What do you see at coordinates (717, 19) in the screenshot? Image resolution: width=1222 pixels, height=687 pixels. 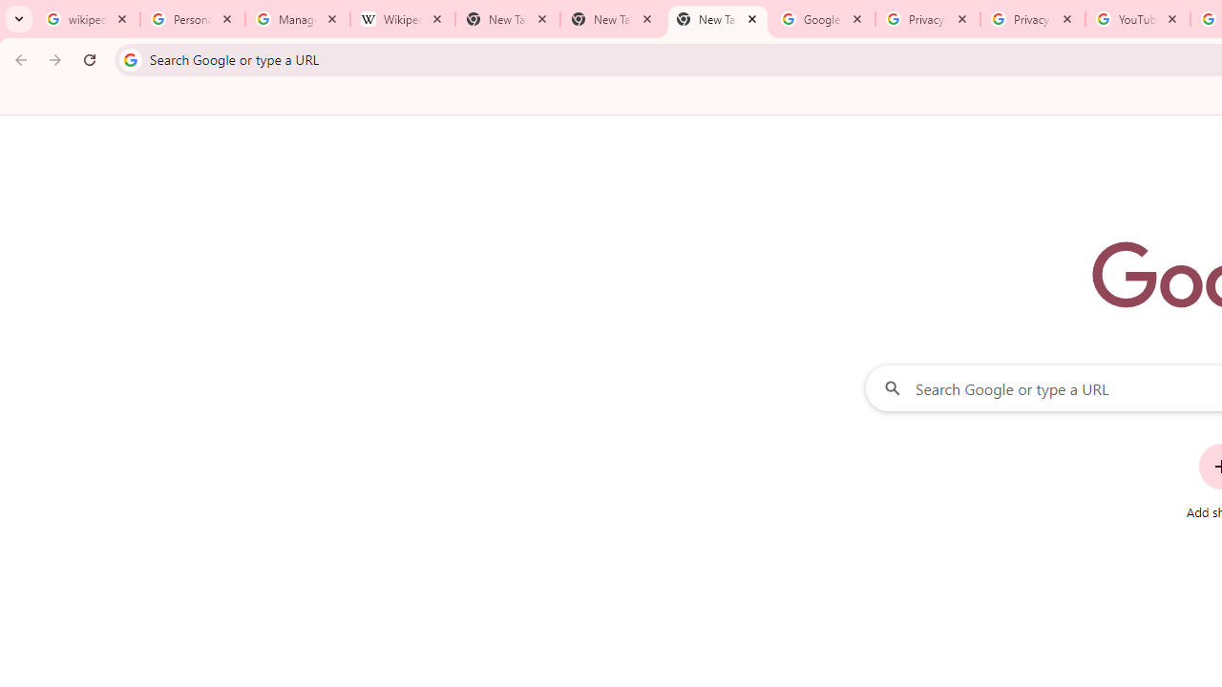 I see `'New Tab'` at bounding box center [717, 19].